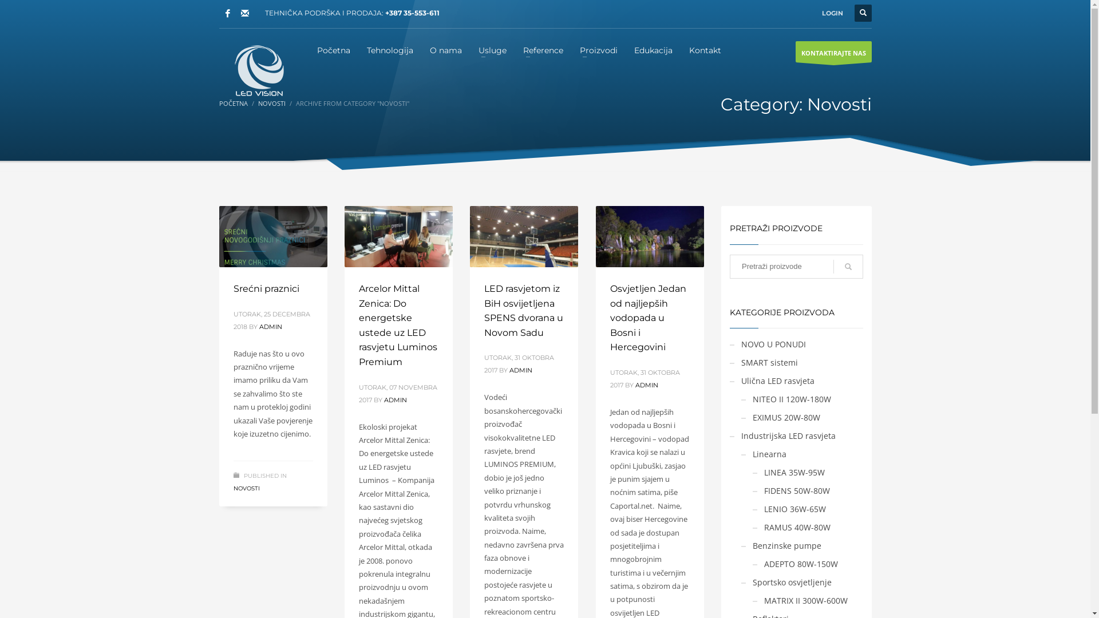 This screenshot has height=618, width=1099. What do you see at coordinates (598, 49) in the screenshot?
I see `'Proizvodi'` at bounding box center [598, 49].